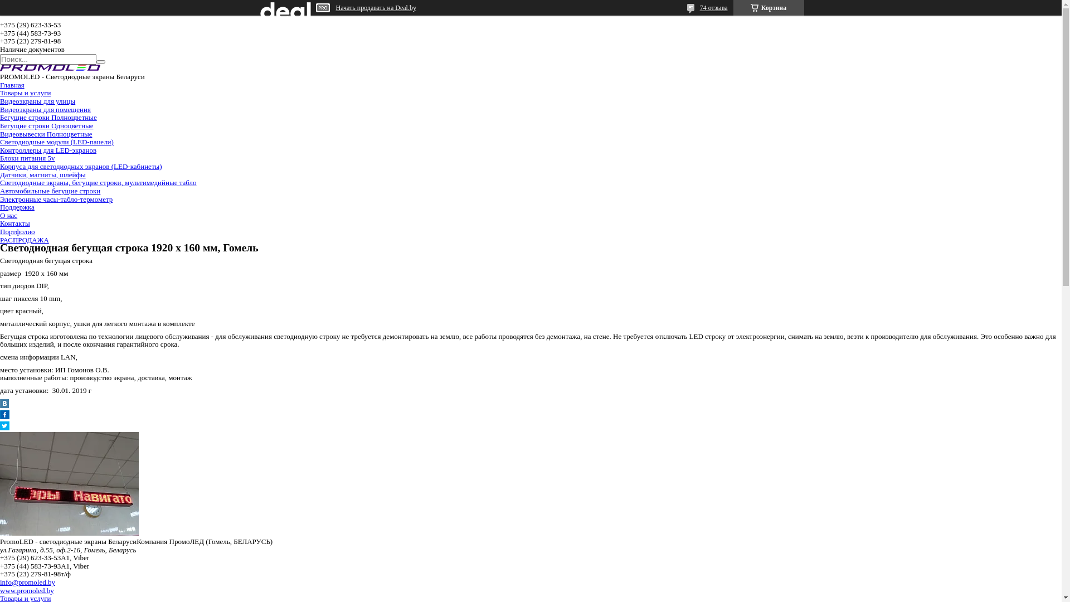  Describe the element at coordinates (4, 427) in the screenshot. I see `'twitter'` at that location.